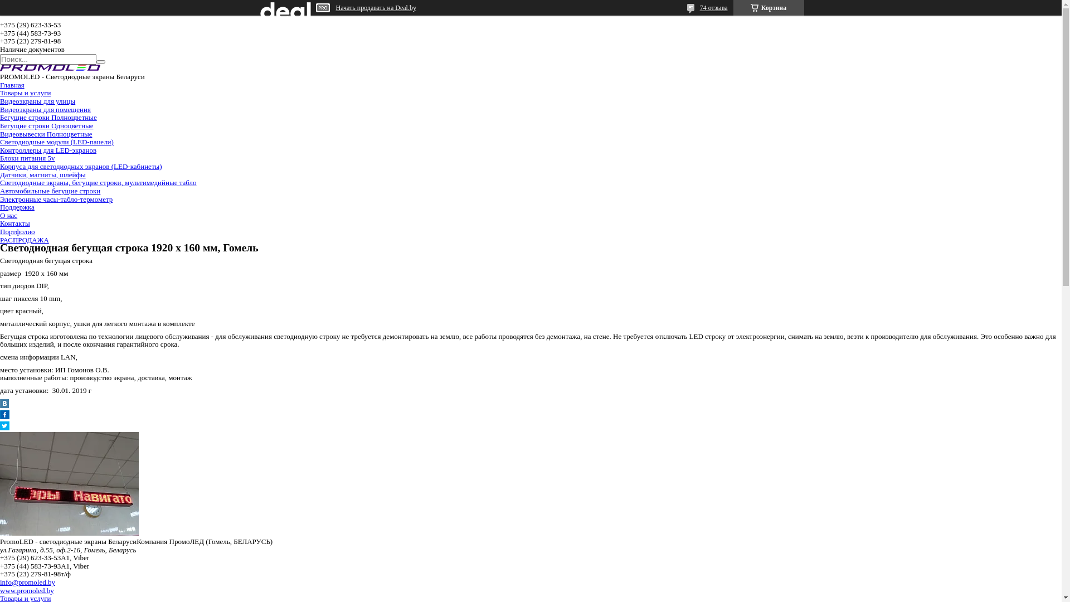  Describe the element at coordinates (4, 427) in the screenshot. I see `'twitter'` at that location.